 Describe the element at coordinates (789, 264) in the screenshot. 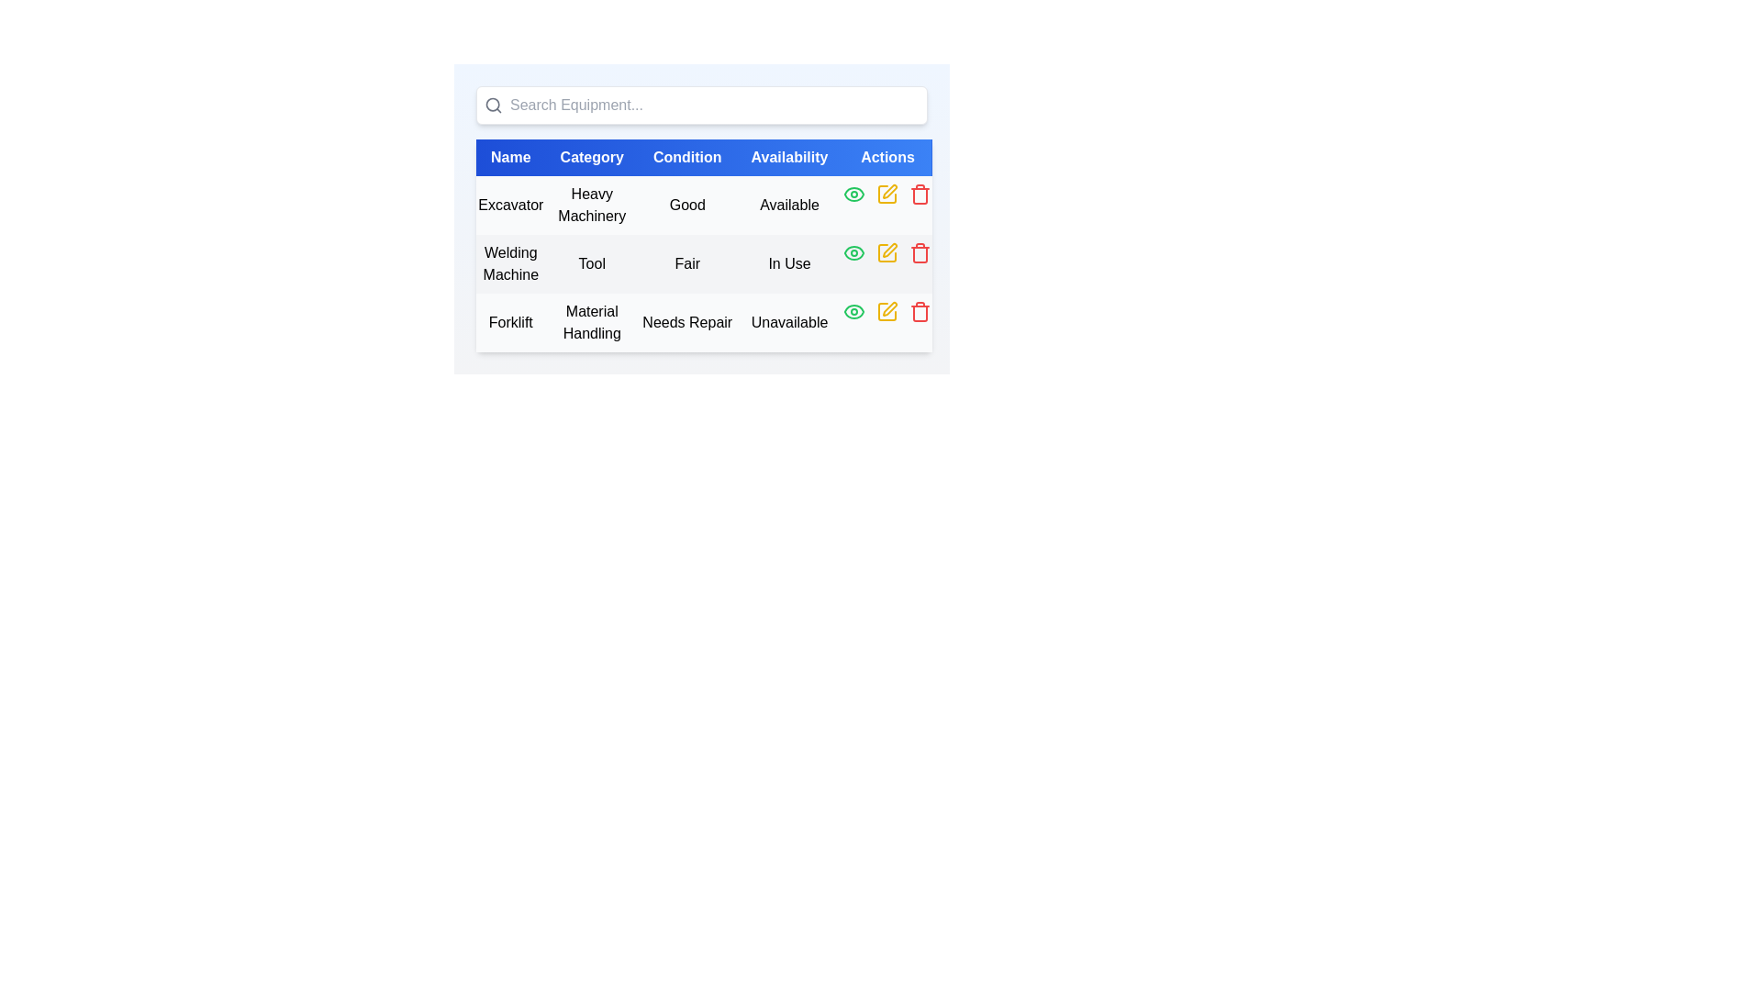

I see `the non-interactive text label displaying 'In Use', located in the second row under the 'Availability' column, between 'Fair' and action icons` at that location.